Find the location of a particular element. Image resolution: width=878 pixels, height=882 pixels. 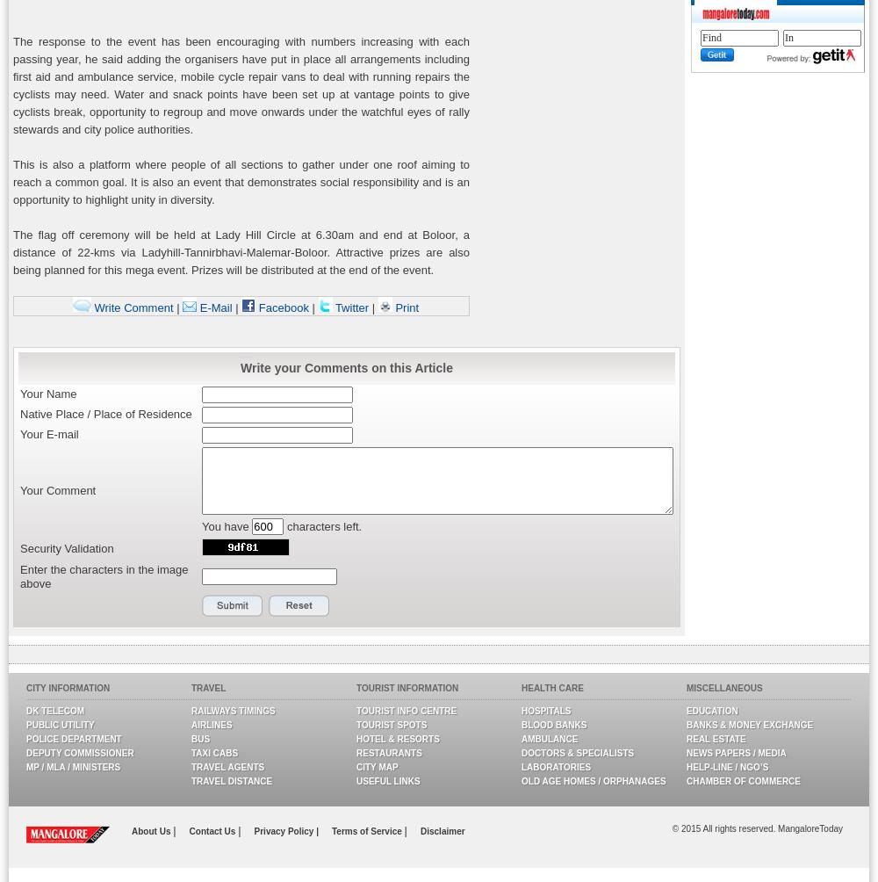

'Print' is located at coordinates (404, 307).